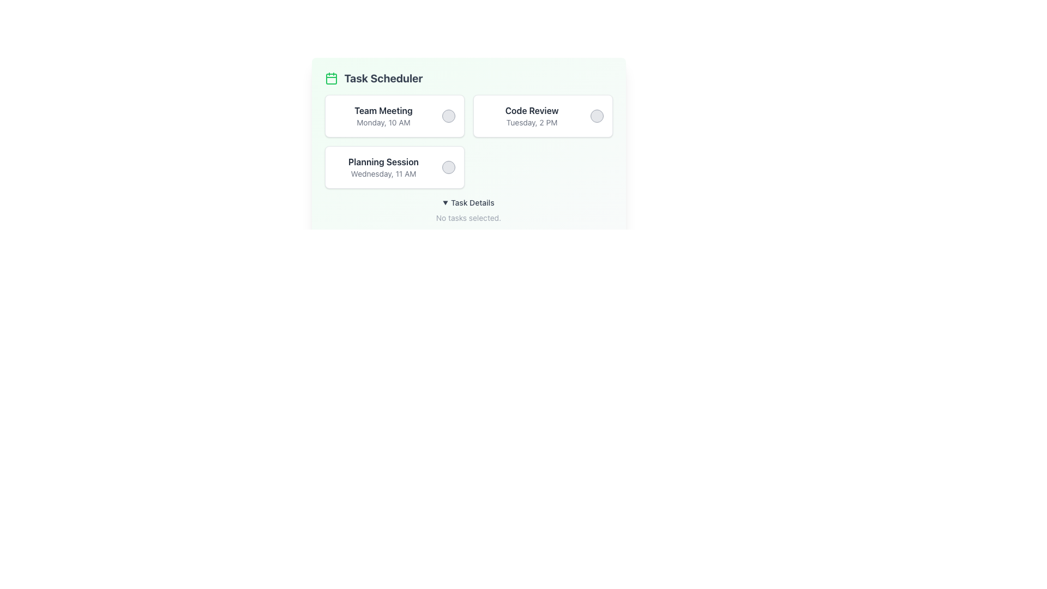 This screenshot has width=1047, height=589. I want to click on message displayed in the text label that says 'No tasks selected.', which is located below the 'Task Details' label in the Task Details section, so click(468, 218).